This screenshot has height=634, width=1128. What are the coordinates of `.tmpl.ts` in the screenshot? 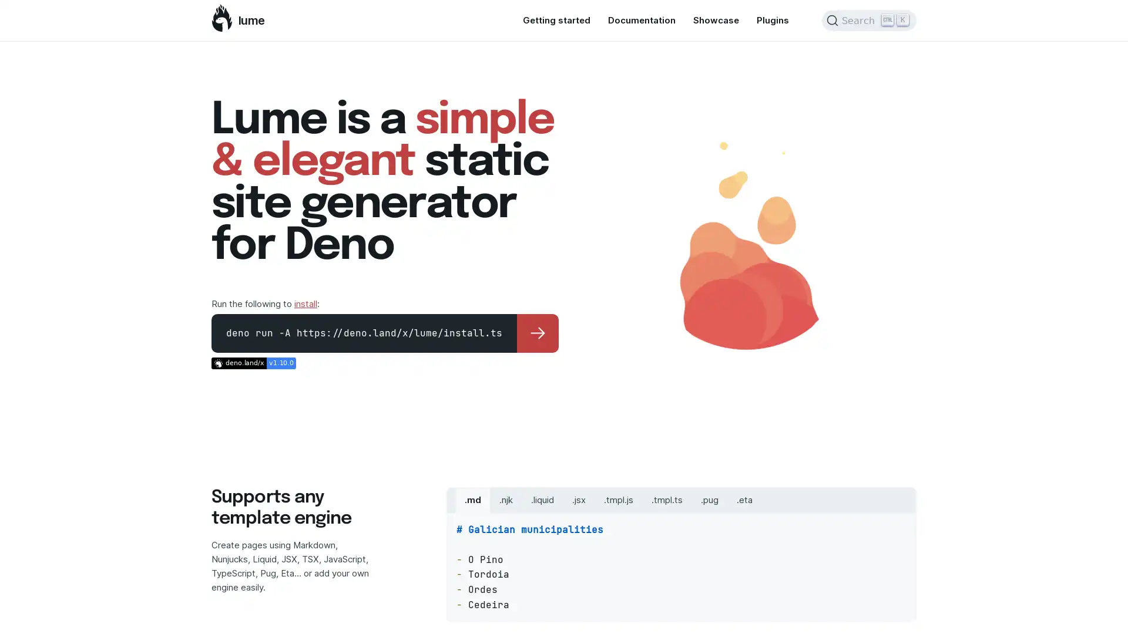 It's located at (667, 500).